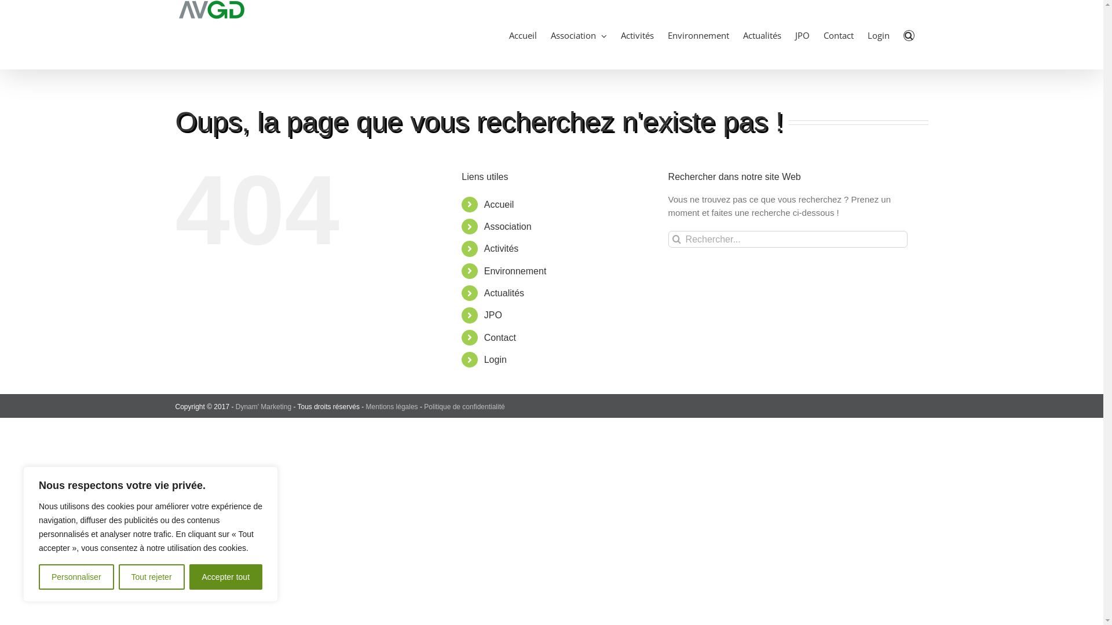  I want to click on 'Accepter tout', so click(225, 576).